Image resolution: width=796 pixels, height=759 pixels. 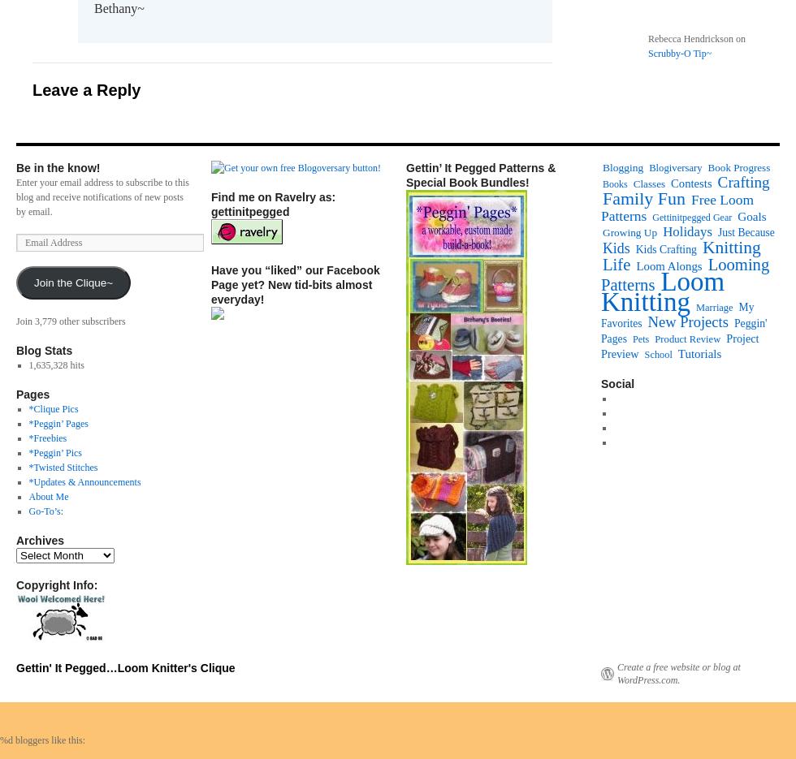 What do you see at coordinates (692, 216) in the screenshot?
I see `'Gettinitpegged Gear'` at bounding box center [692, 216].